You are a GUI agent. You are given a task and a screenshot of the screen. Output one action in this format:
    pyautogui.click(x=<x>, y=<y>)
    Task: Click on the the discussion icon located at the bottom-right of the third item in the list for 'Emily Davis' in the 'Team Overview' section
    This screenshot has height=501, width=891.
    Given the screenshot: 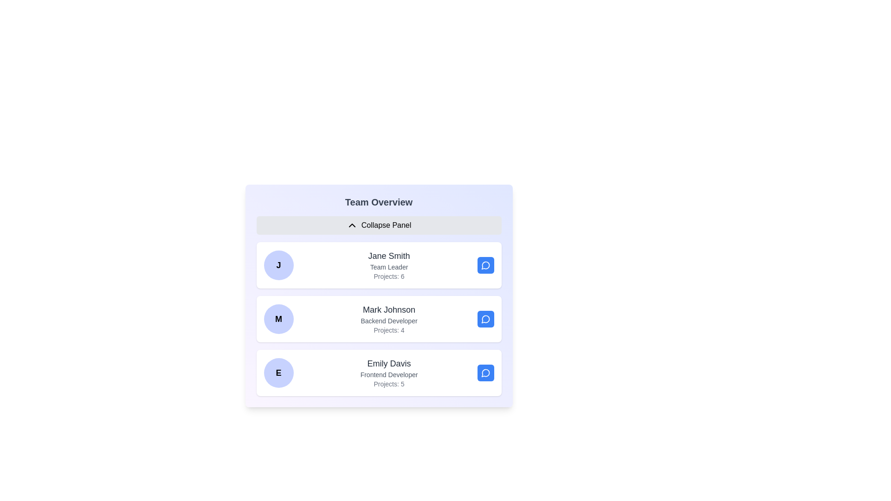 What is the action you would take?
    pyautogui.click(x=485, y=373)
    